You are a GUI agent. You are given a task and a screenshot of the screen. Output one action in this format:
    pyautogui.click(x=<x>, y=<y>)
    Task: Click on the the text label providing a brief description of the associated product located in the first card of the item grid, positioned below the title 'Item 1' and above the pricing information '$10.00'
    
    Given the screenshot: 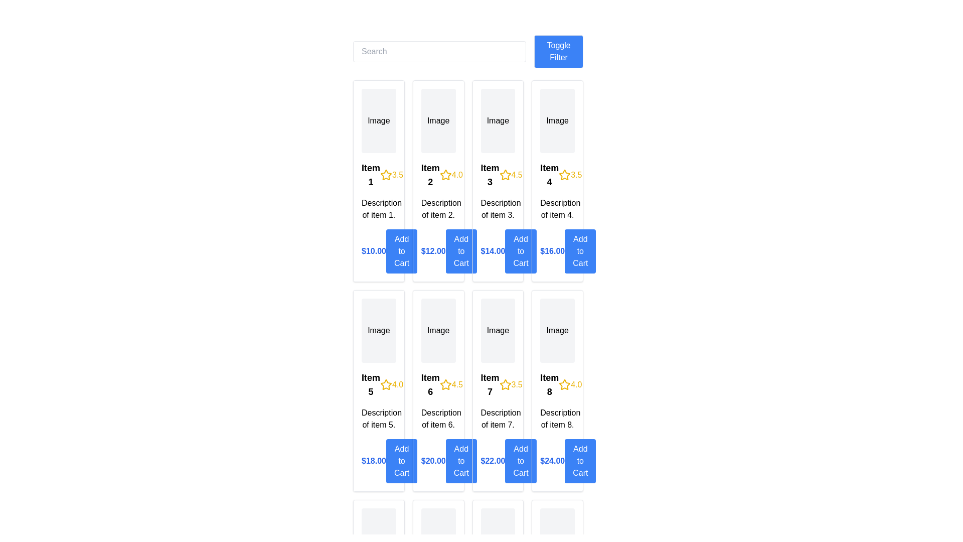 What is the action you would take?
    pyautogui.click(x=378, y=208)
    